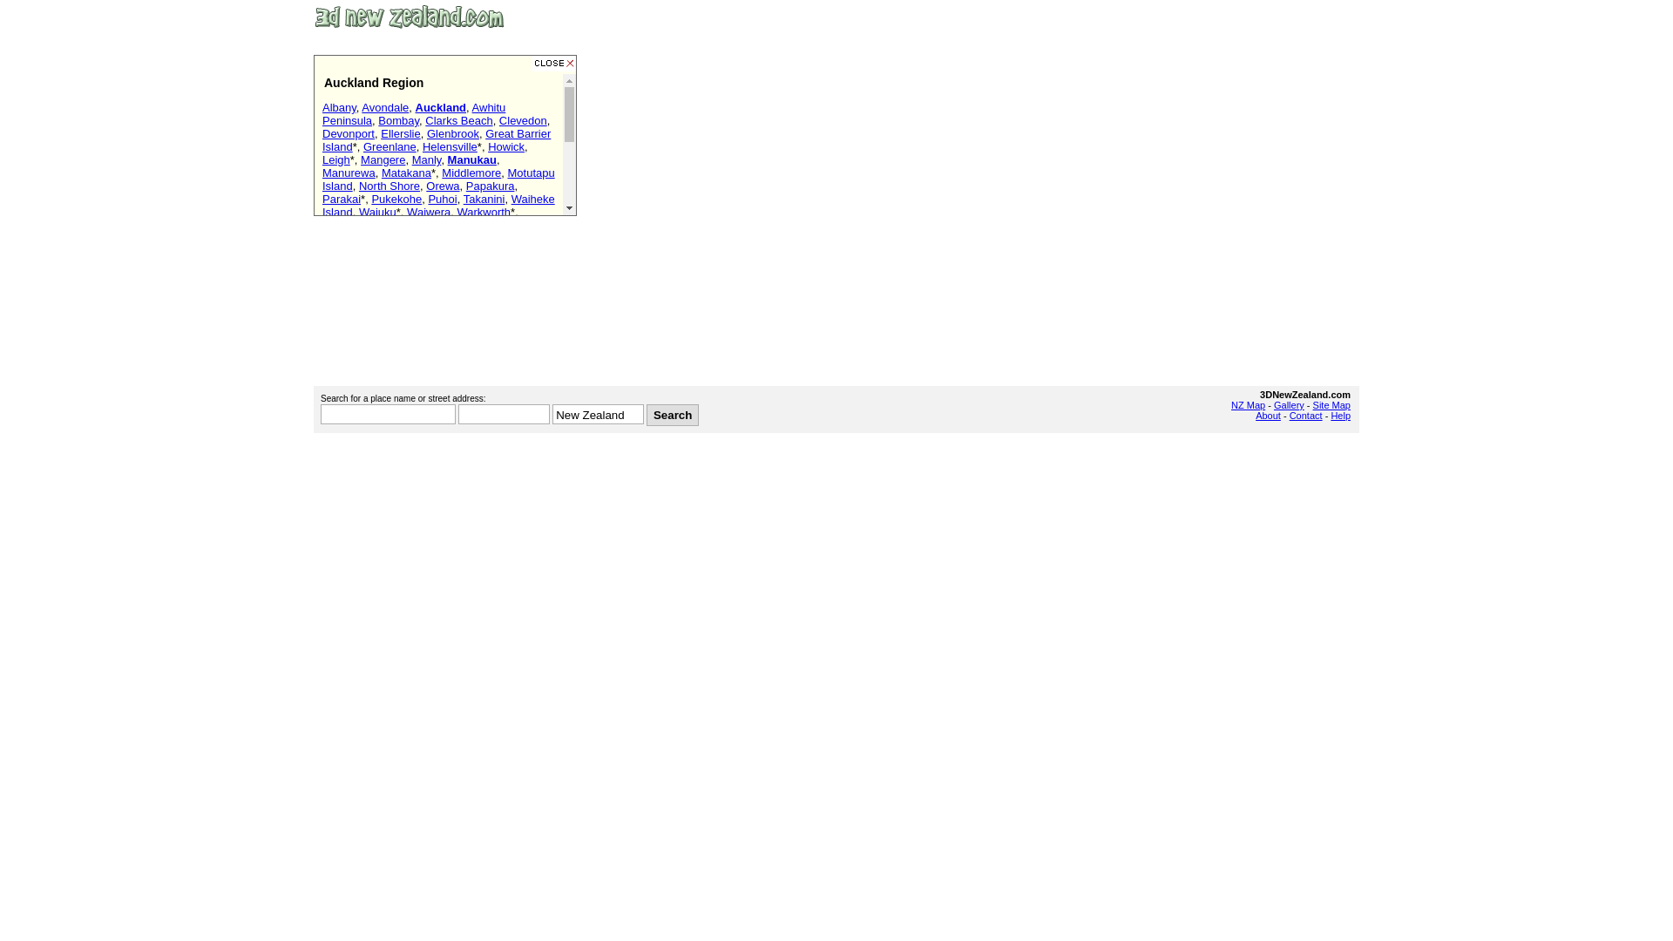 This screenshot has height=941, width=1673. What do you see at coordinates (465, 186) in the screenshot?
I see `'Papakura'` at bounding box center [465, 186].